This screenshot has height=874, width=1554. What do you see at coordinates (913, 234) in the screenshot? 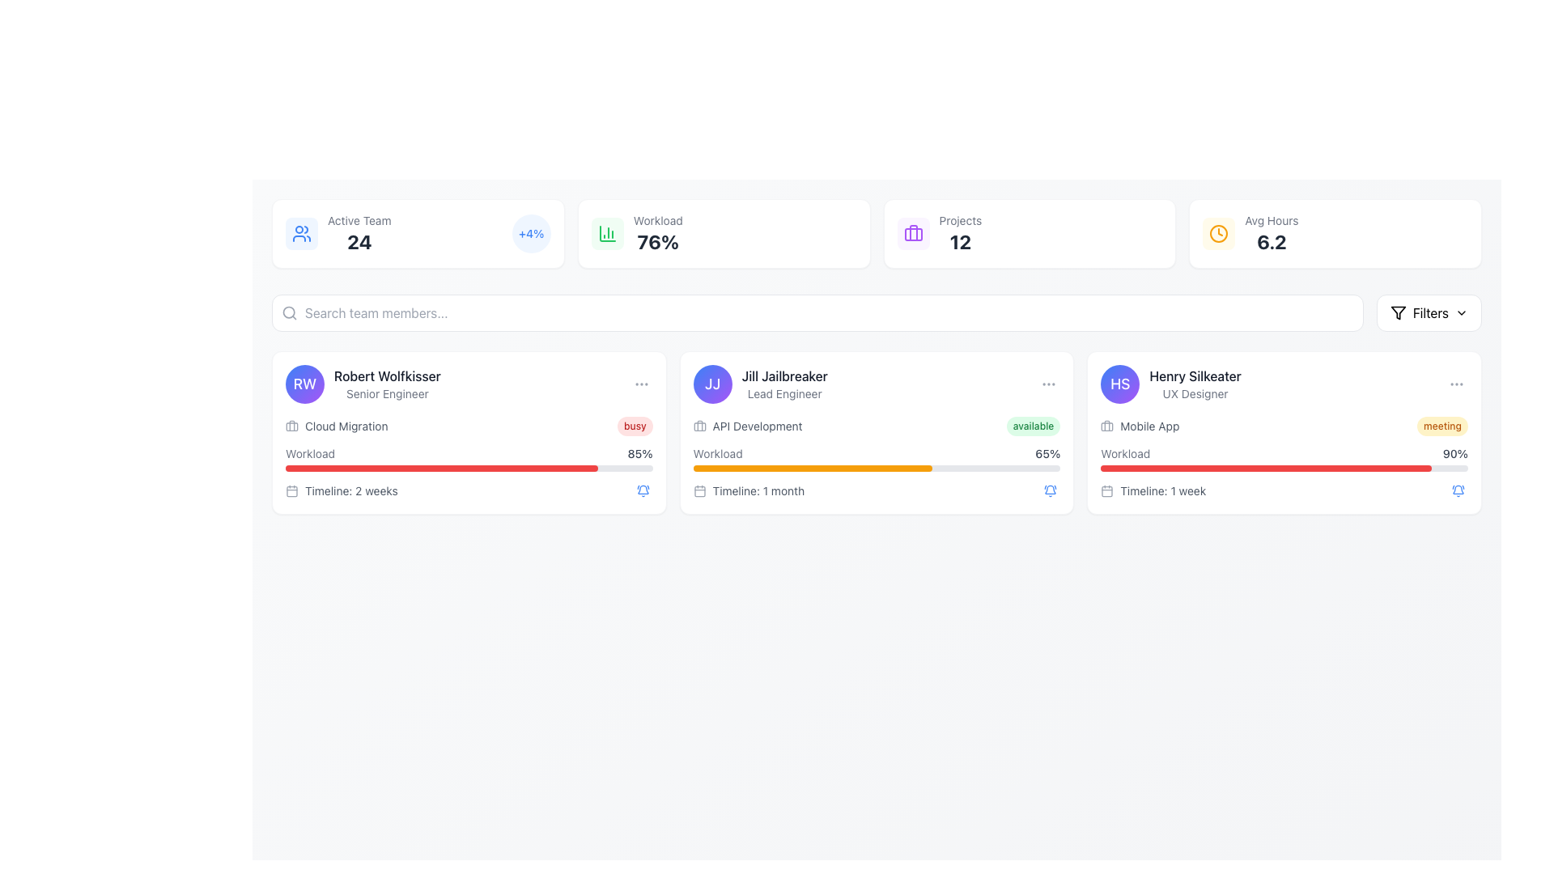
I see `the purple rectangular SVG component with rounded corners located within the 'Projects' card, centralized within a briefcase icon` at bounding box center [913, 234].